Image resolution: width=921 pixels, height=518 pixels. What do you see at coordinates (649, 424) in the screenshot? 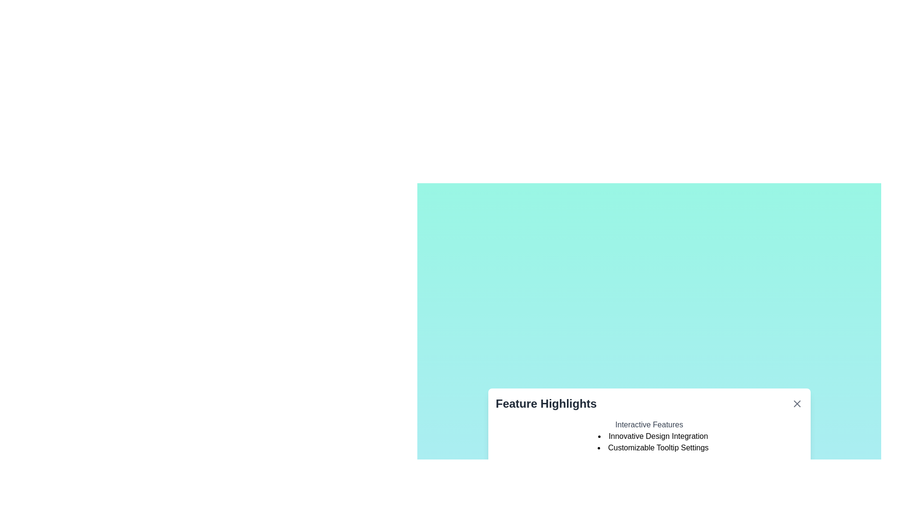
I see `the introductory text label that summarizes the features listed below in the modal interface` at bounding box center [649, 424].